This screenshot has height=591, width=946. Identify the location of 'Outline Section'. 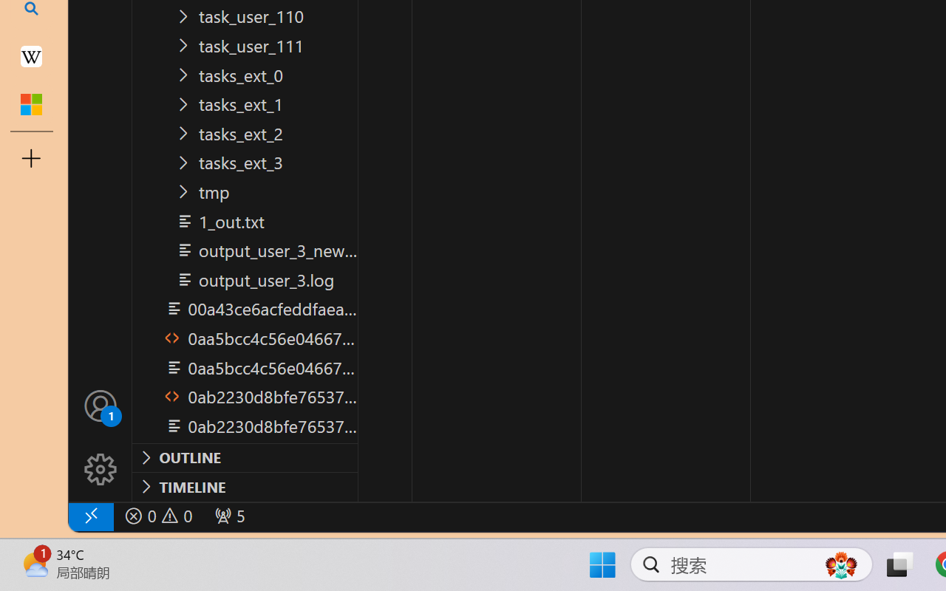
(245, 457).